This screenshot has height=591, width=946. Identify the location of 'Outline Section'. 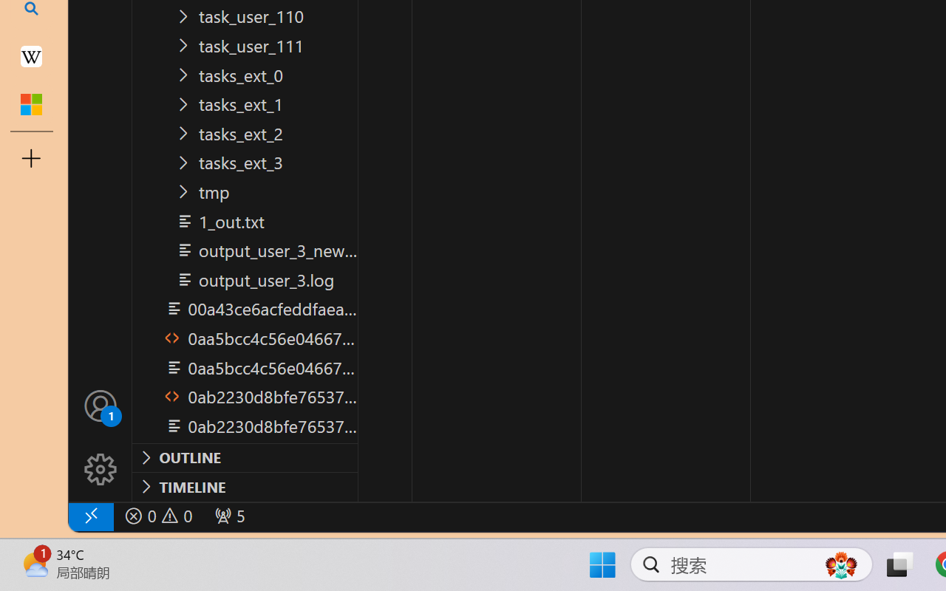
(245, 457).